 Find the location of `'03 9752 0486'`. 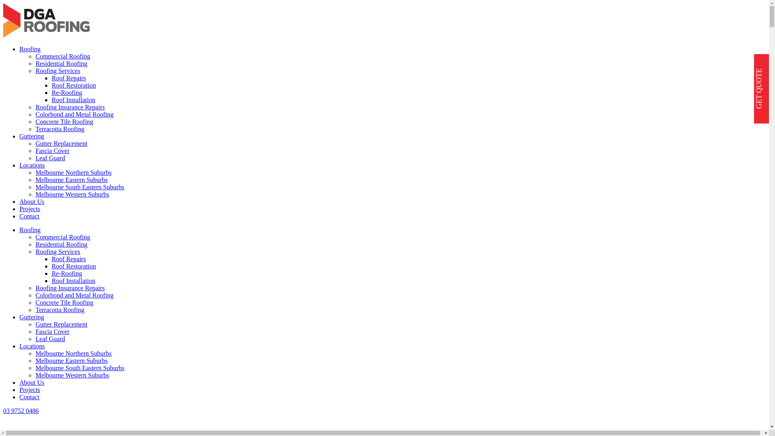

'03 9752 0486' is located at coordinates (3, 411).